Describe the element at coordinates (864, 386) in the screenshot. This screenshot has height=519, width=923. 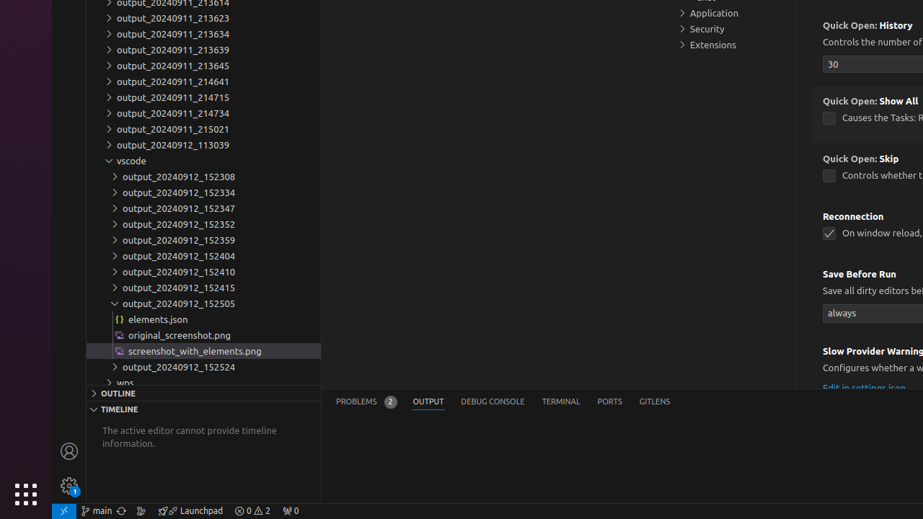
I see `'Edit in settings.json: task.slowProviderWarning'` at that location.